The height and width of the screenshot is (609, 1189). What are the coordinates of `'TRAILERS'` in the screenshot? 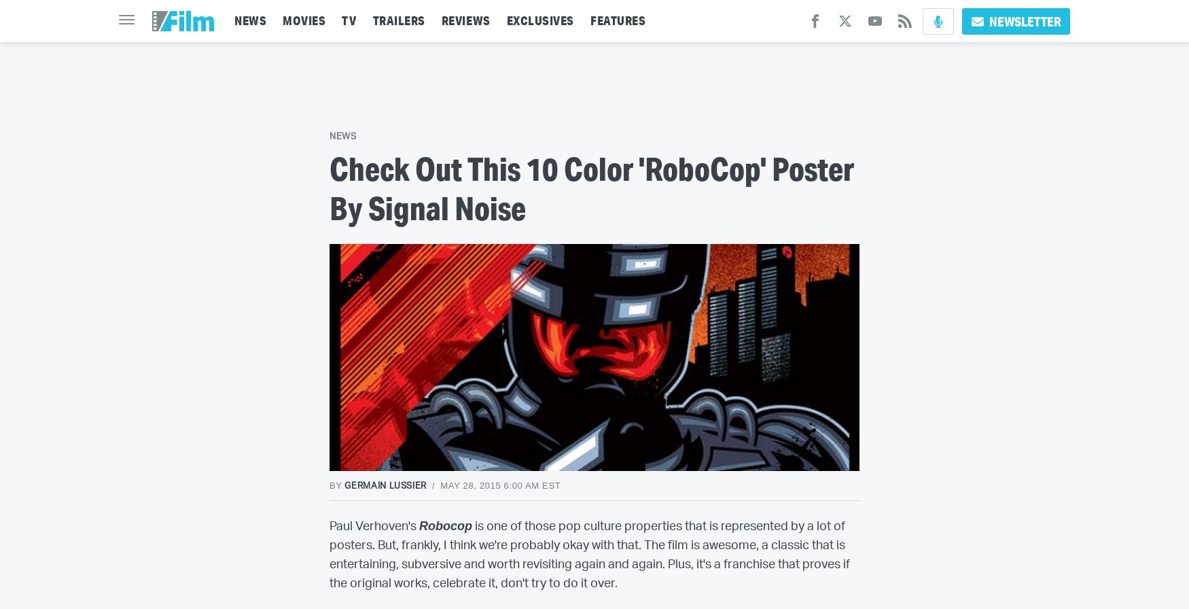 It's located at (371, 20).